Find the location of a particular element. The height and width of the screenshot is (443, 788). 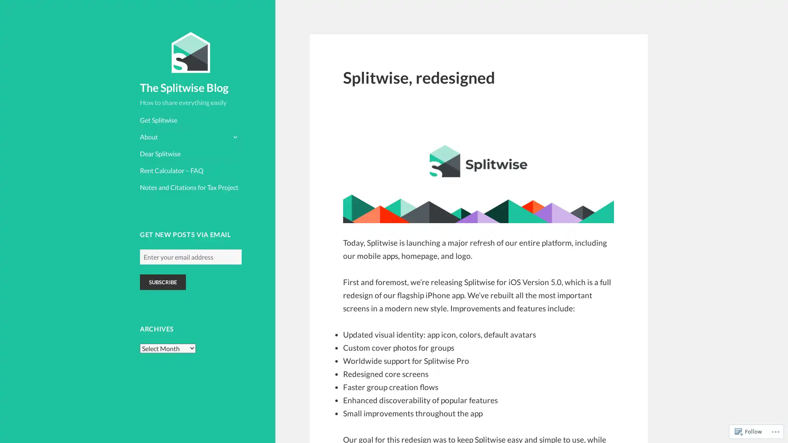

SUBSCRIBE is located at coordinates (163, 281).